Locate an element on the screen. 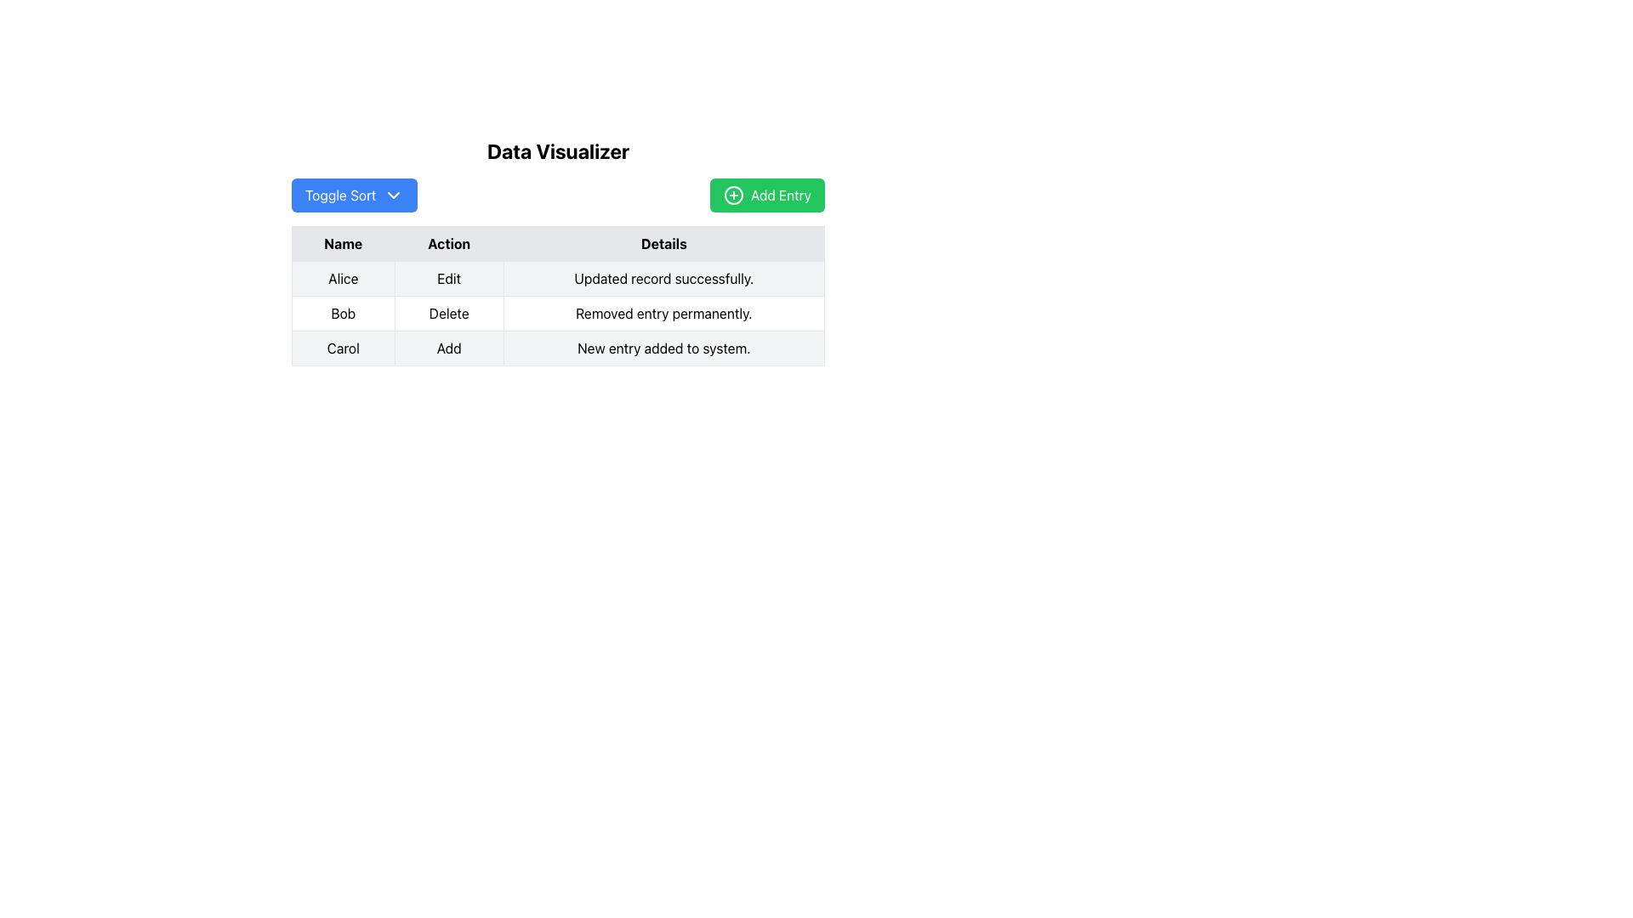 This screenshot has height=918, width=1633. on the second row of the table that contains 'Bob' on the left, 'Delete' in the center, and 'Removed entry permanently.' on the right is located at coordinates (558, 314).